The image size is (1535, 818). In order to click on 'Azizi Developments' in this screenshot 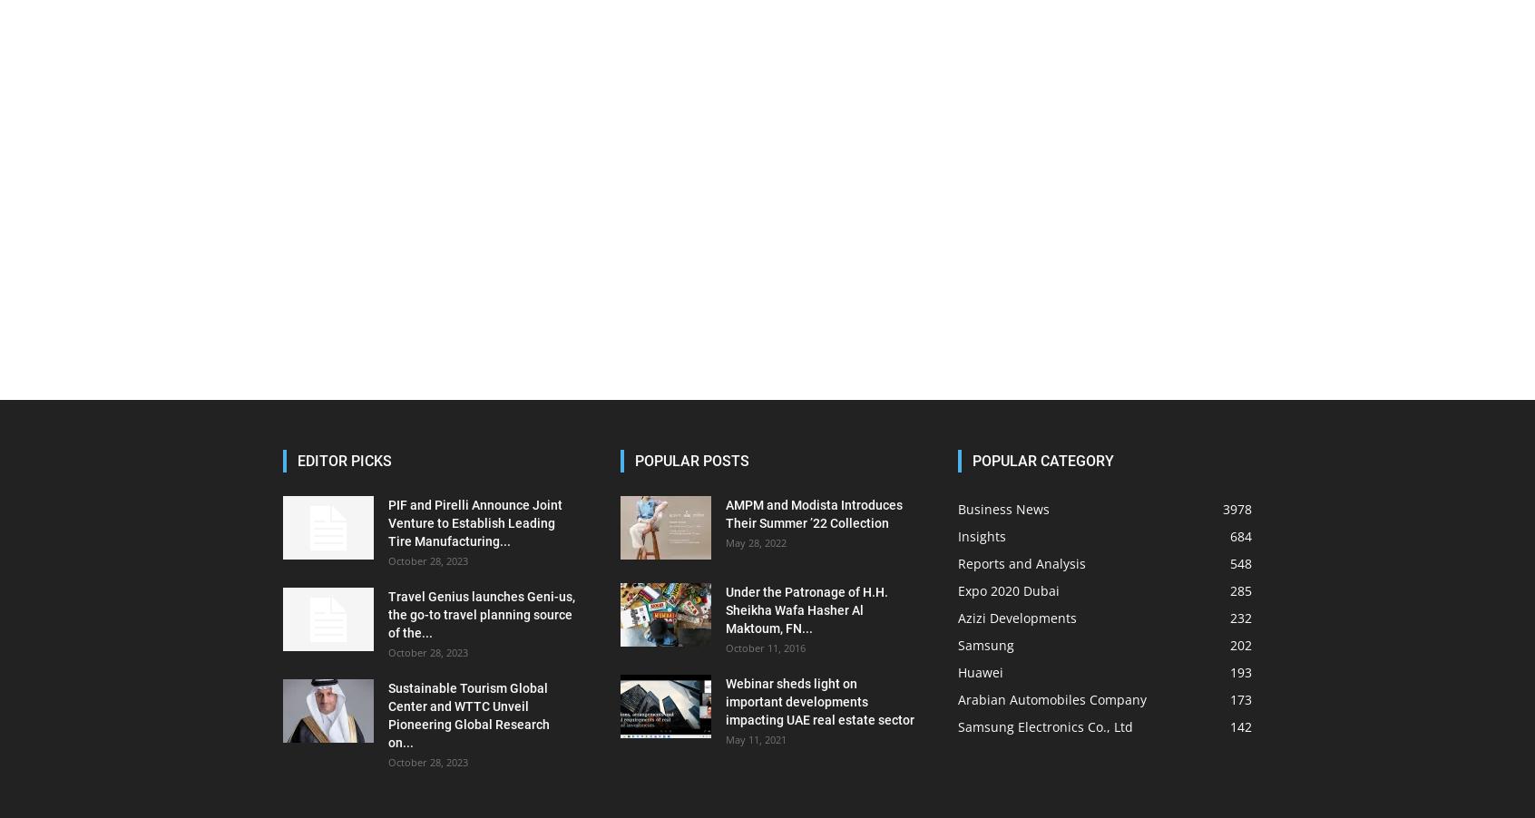, I will do `click(1017, 618)`.